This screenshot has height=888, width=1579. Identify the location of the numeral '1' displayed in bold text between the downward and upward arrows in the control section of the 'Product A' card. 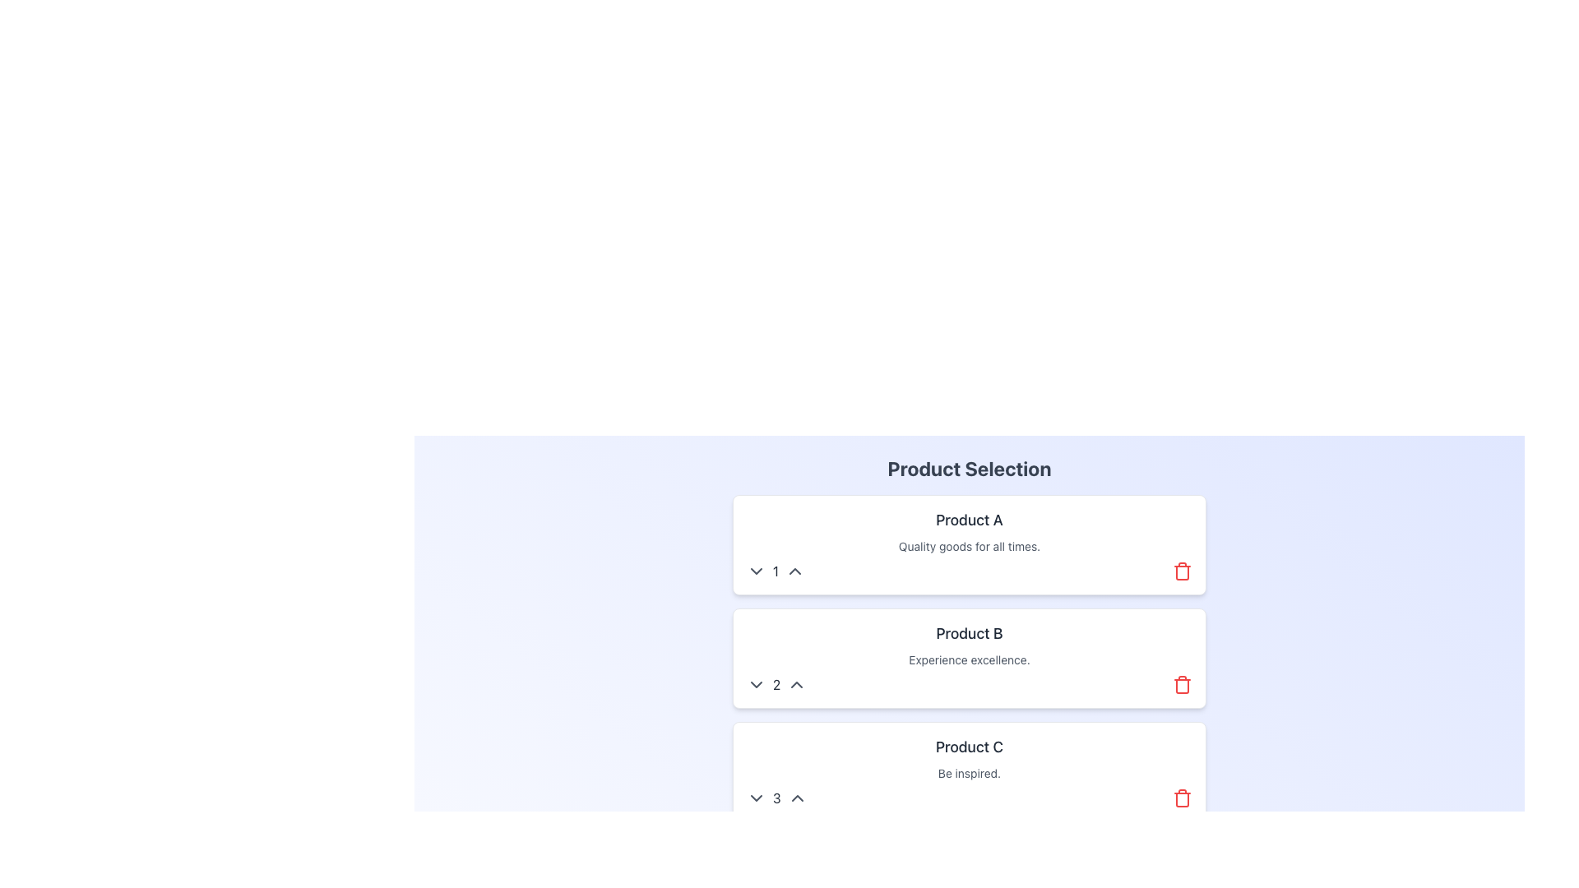
(775, 570).